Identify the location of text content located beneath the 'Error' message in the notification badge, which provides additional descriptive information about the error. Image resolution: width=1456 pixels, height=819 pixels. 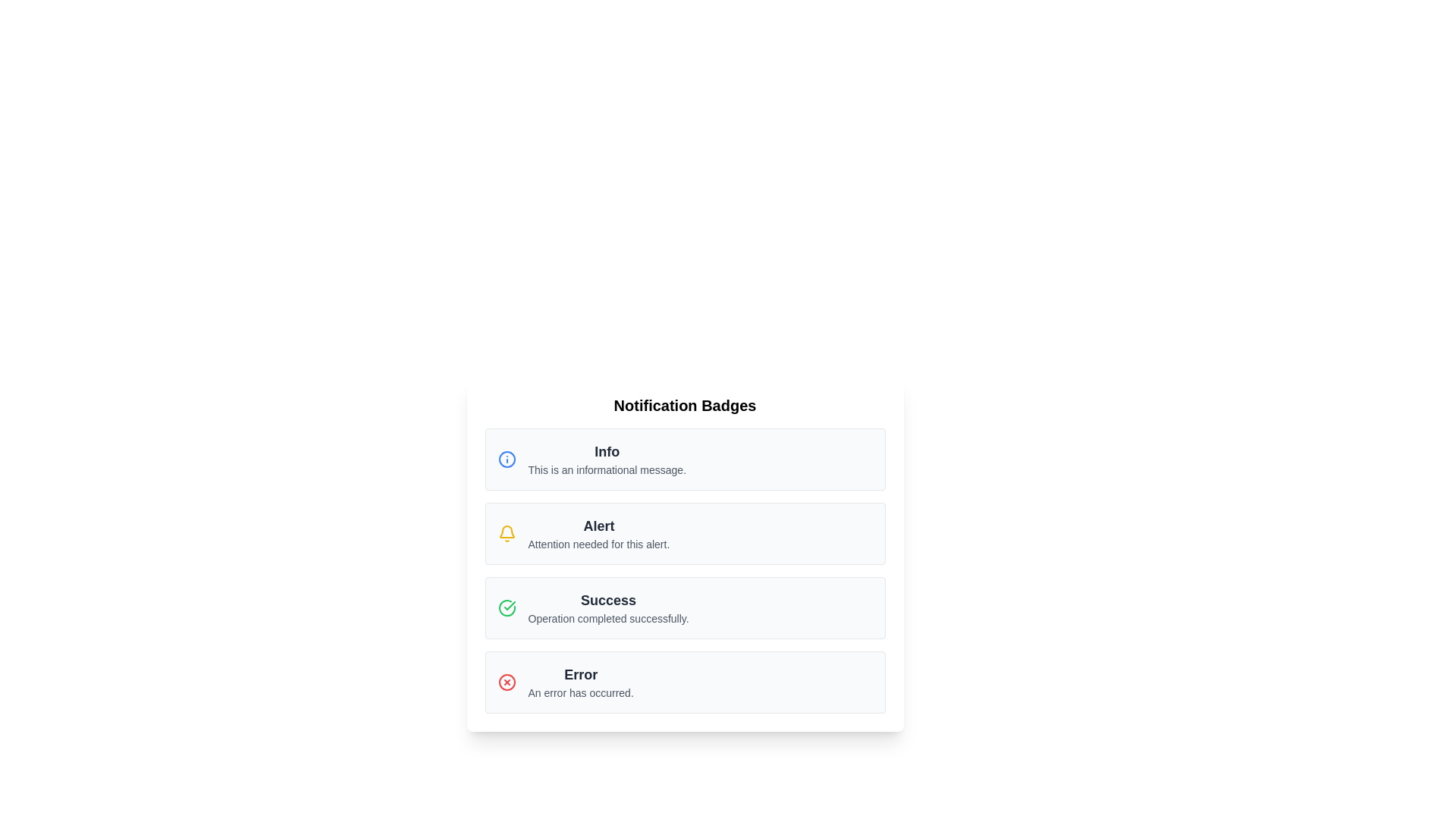
(580, 693).